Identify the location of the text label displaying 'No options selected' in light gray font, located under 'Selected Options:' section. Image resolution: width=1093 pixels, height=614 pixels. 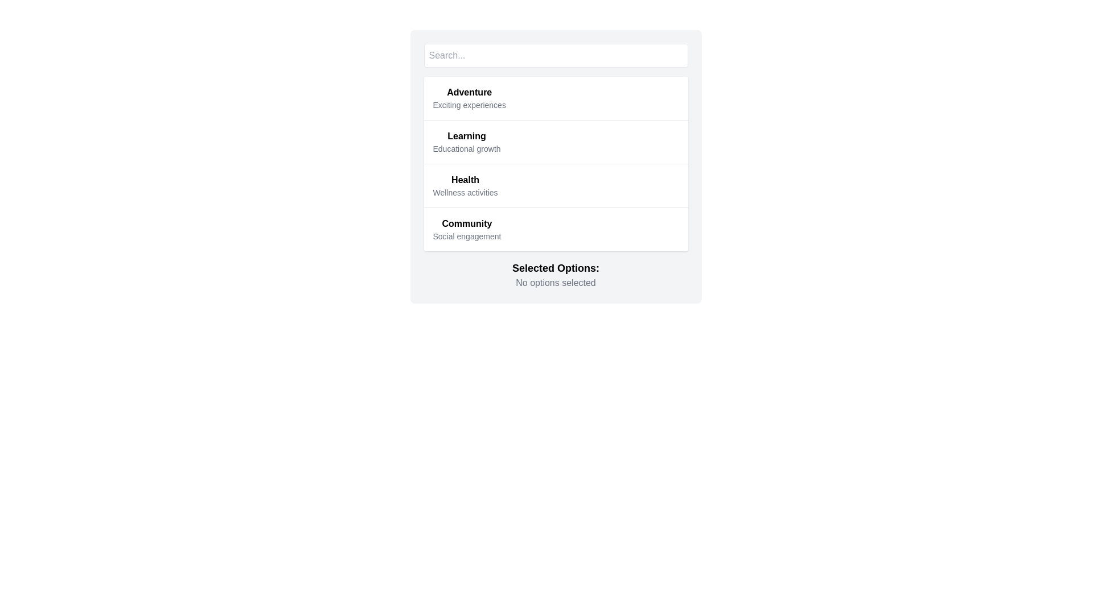
(556, 282).